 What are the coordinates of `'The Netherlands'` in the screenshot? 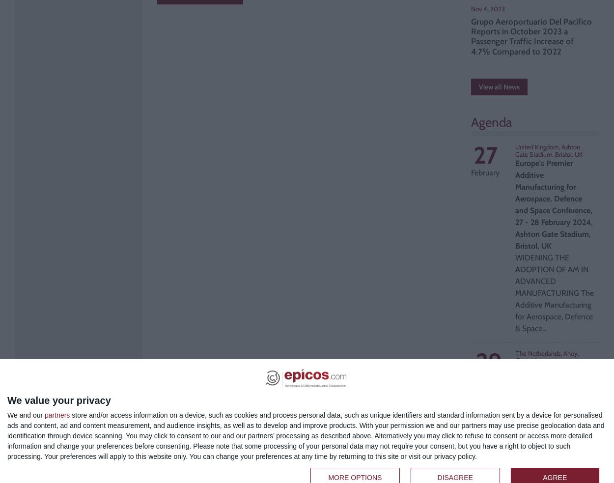 It's located at (516, 352).